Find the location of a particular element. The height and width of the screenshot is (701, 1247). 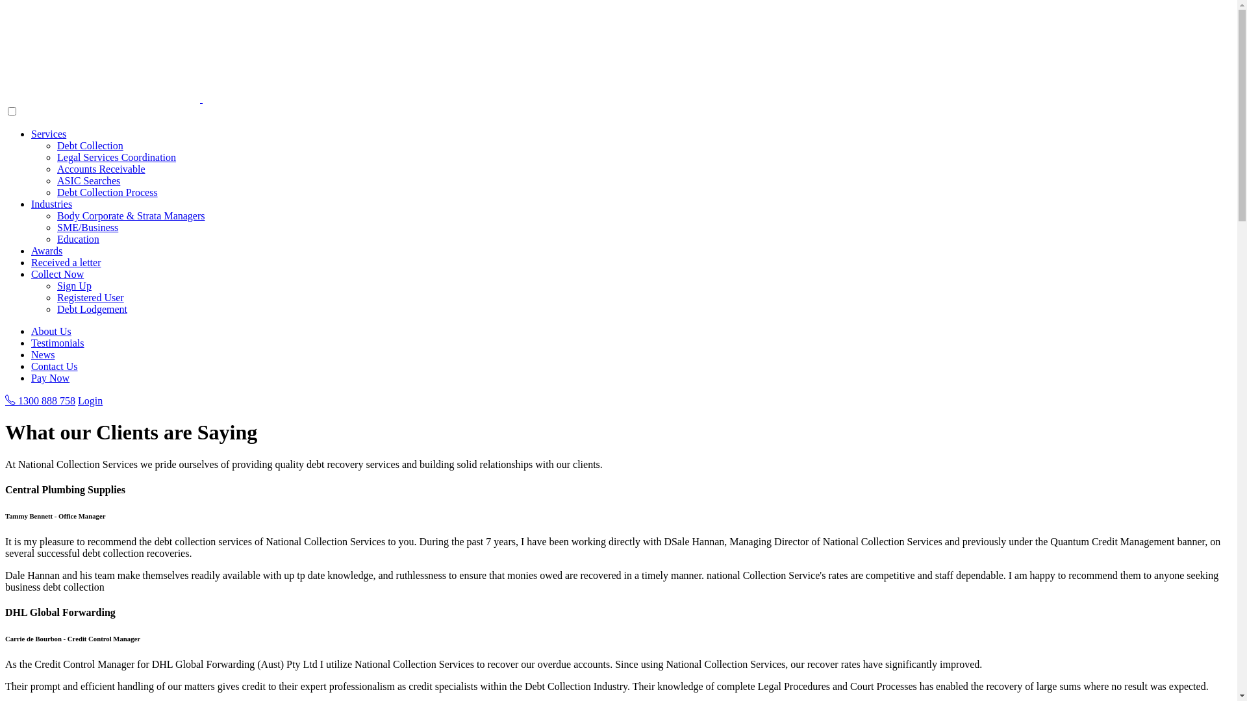

'Registered User' is located at coordinates (90, 297).